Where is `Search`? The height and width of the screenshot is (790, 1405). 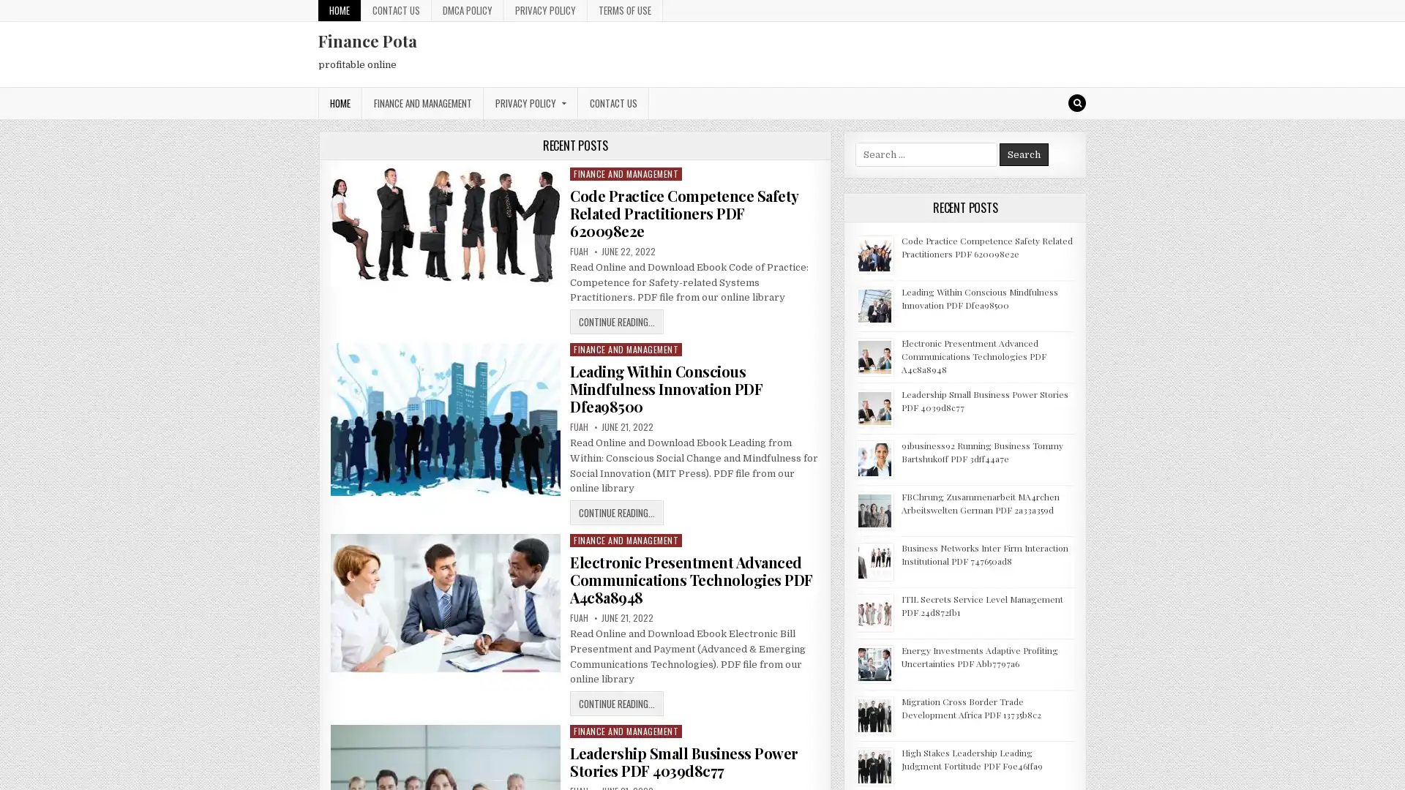 Search is located at coordinates (1023, 154).